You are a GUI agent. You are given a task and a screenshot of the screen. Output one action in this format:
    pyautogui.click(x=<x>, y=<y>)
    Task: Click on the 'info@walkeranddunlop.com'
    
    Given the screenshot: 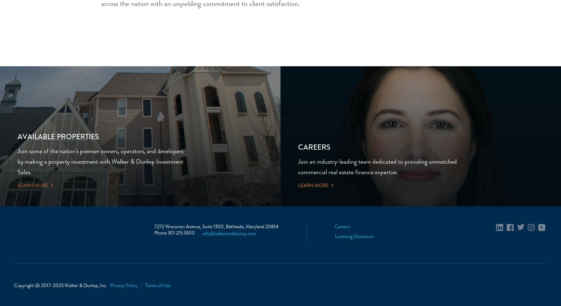 What is the action you would take?
    pyautogui.click(x=229, y=234)
    